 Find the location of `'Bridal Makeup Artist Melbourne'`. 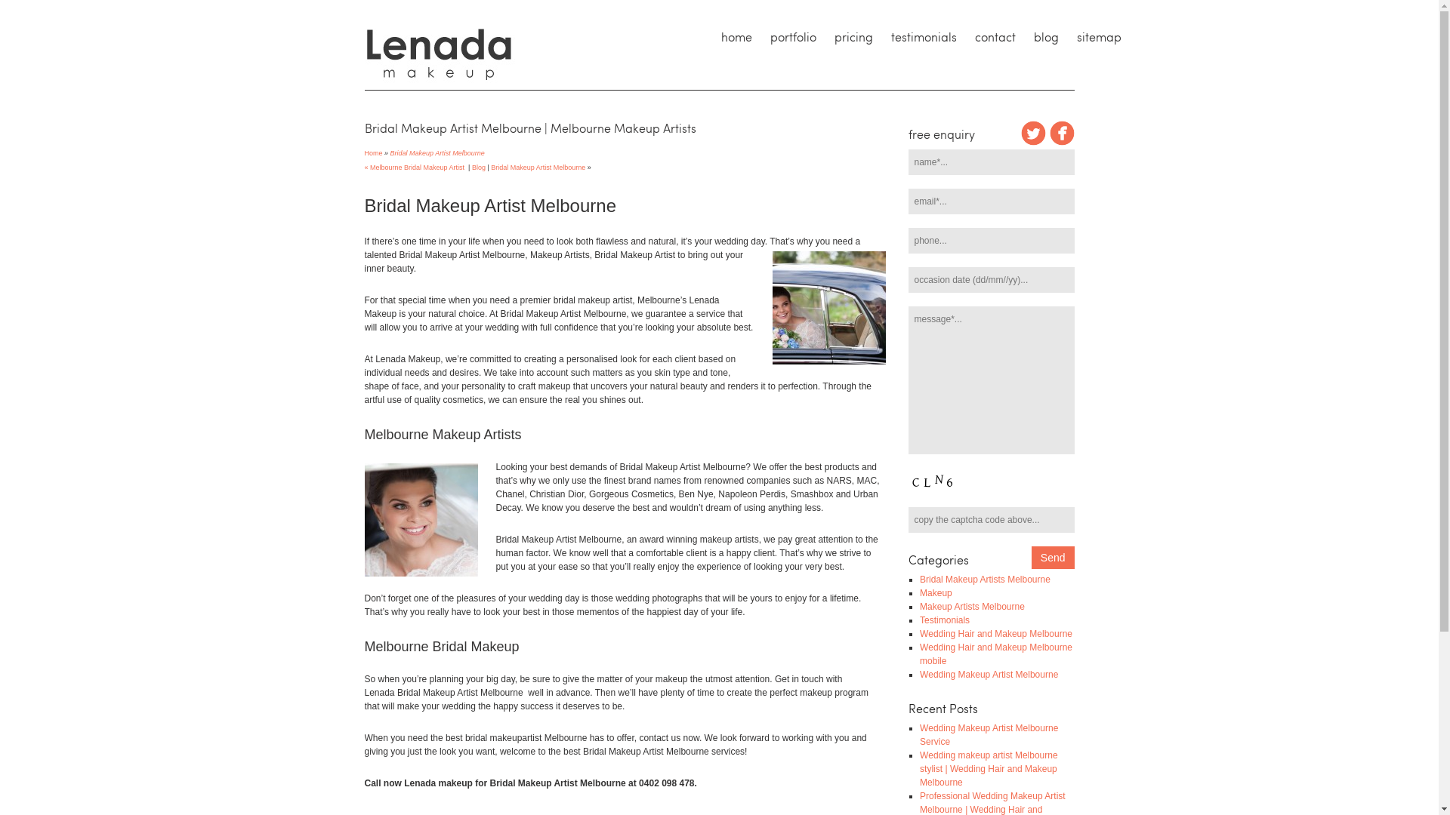

'Bridal Makeup Artist Melbourne' is located at coordinates (538, 168).